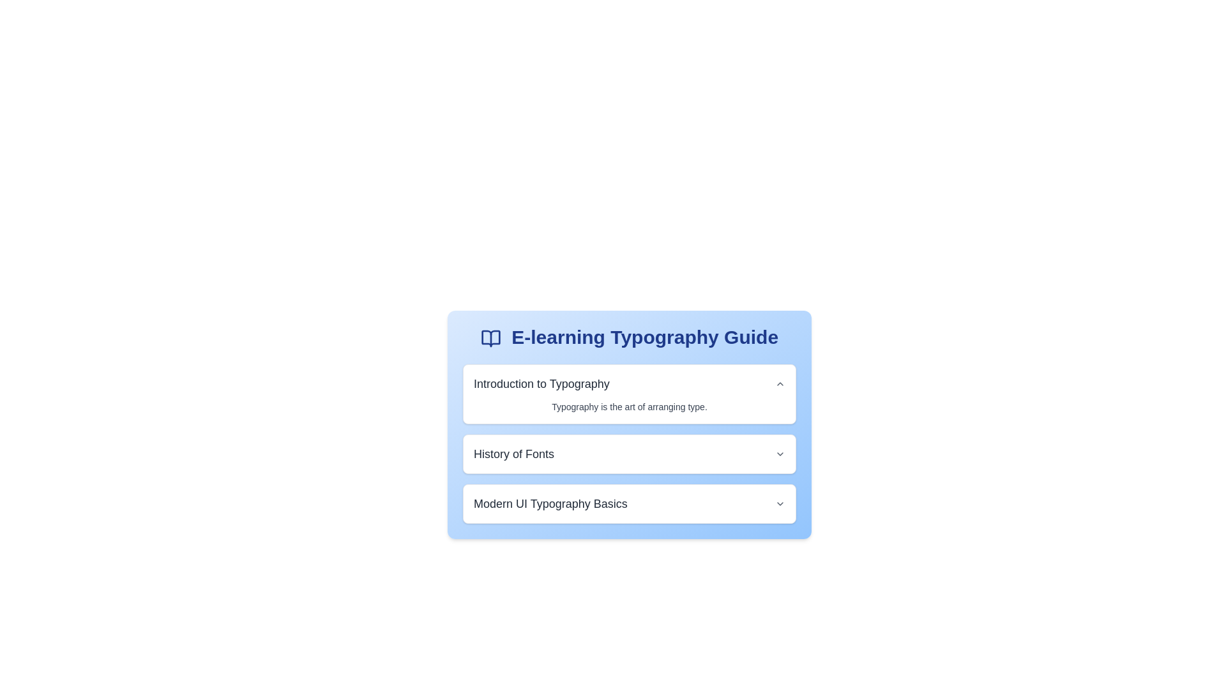  Describe the element at coordinates (780, 503) in the screenshot. I see `the downward-pointing chevron icon styled in gray, located to the far right of the section labeled 'Modern UI Typography Basics'` at that location.